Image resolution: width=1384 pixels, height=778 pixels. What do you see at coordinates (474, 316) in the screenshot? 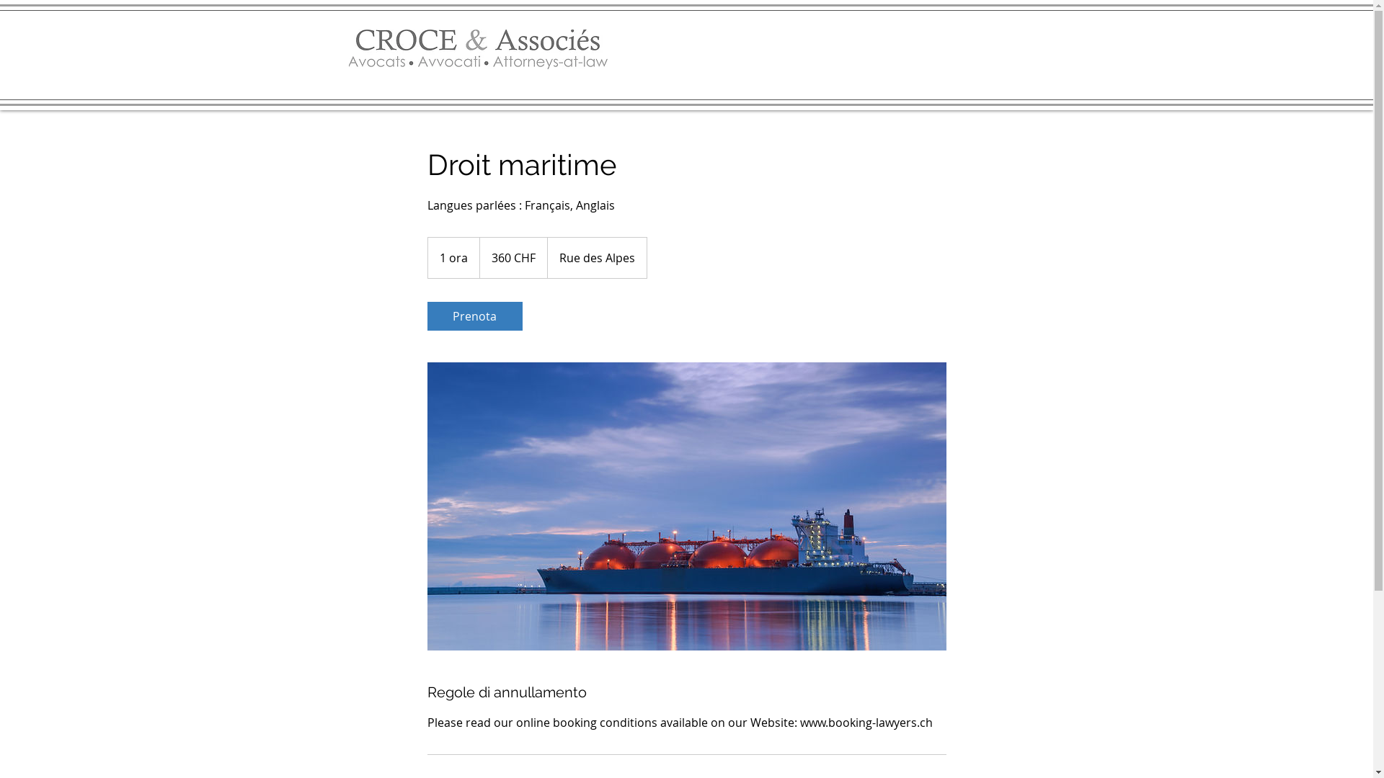
I see `'Prenota'` at bounding box center [474, 316].